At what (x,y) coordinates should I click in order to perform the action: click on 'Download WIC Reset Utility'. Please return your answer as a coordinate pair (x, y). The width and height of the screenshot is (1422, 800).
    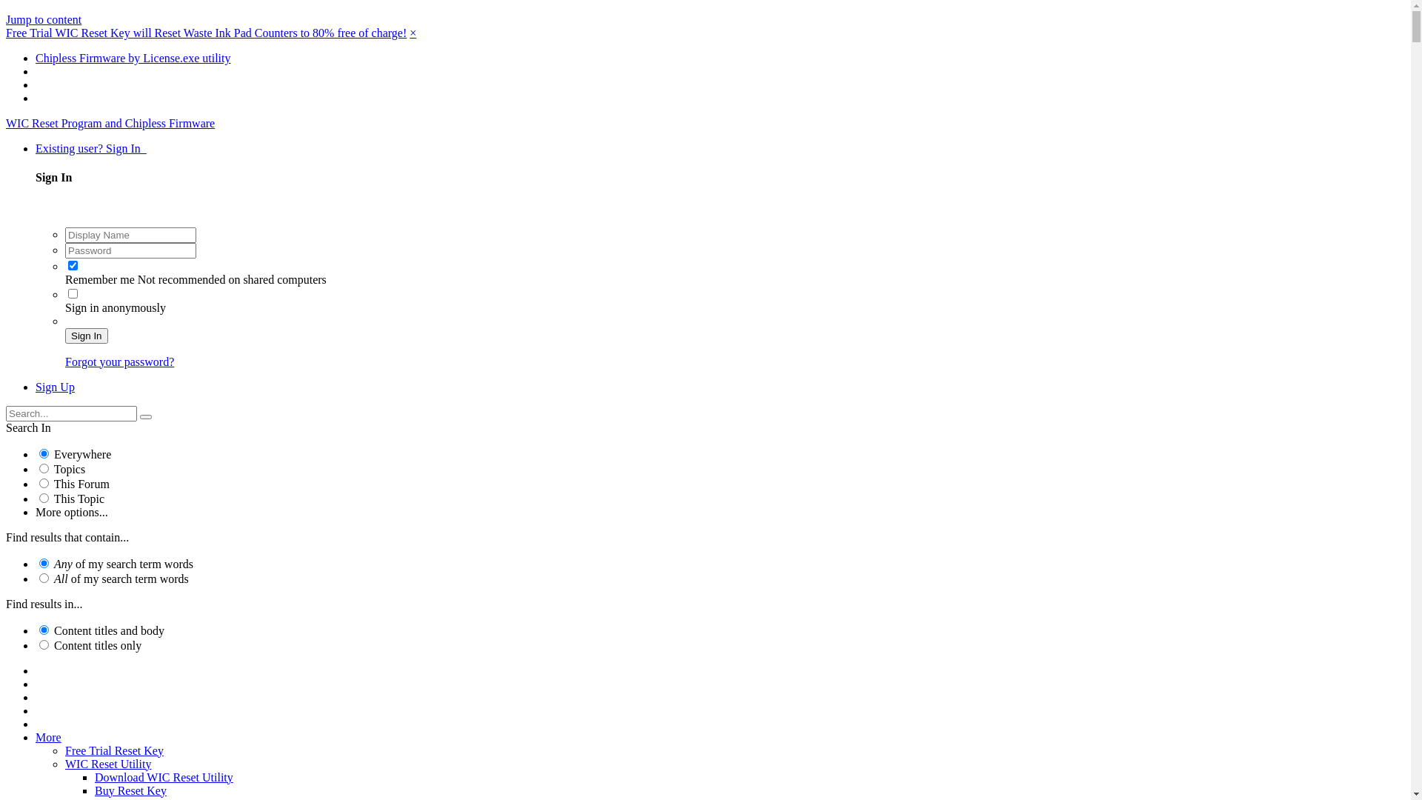
    Looking at the image, I should click on (94, 776).